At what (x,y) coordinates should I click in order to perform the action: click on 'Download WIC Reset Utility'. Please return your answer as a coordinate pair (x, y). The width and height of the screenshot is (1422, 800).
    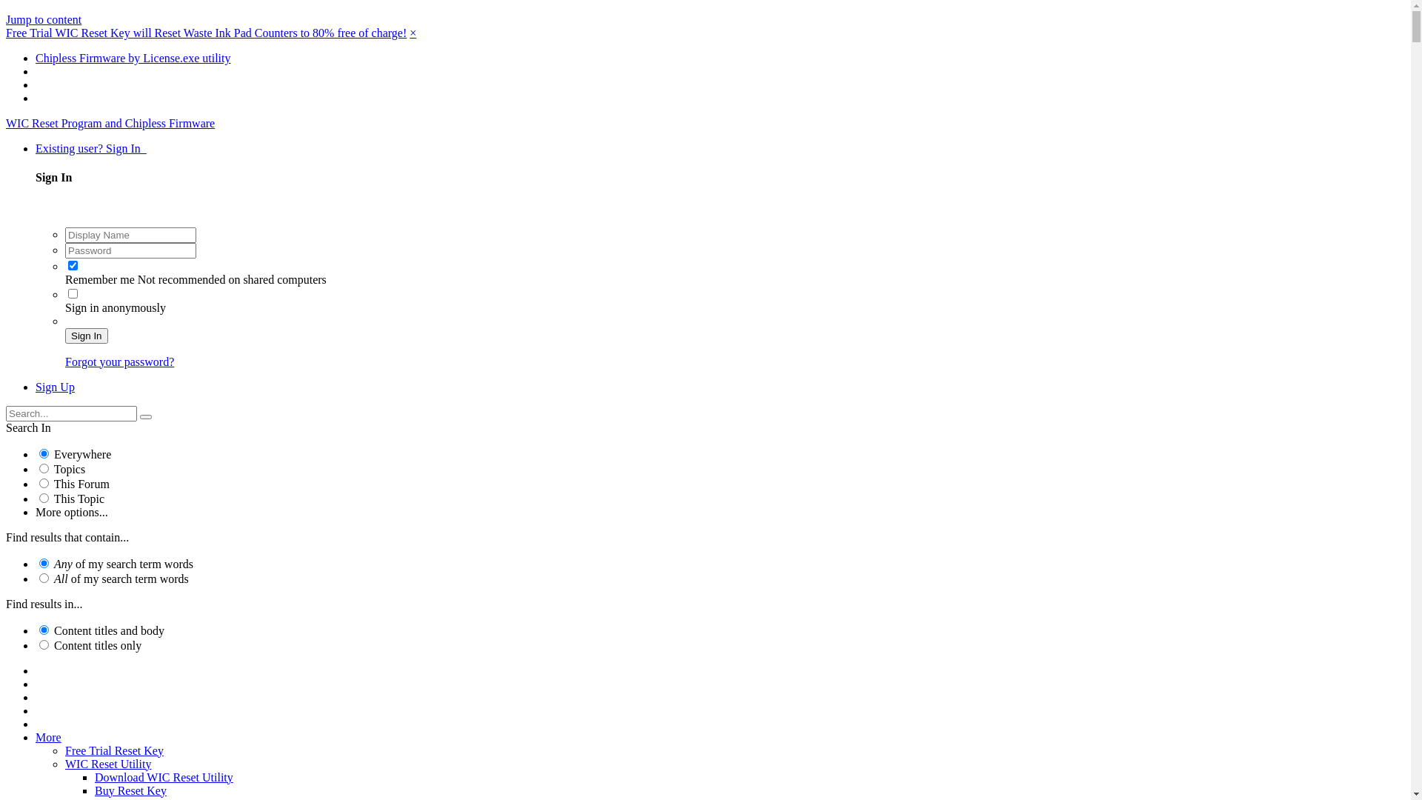
    Looking at the image, I should click on (94, 776).